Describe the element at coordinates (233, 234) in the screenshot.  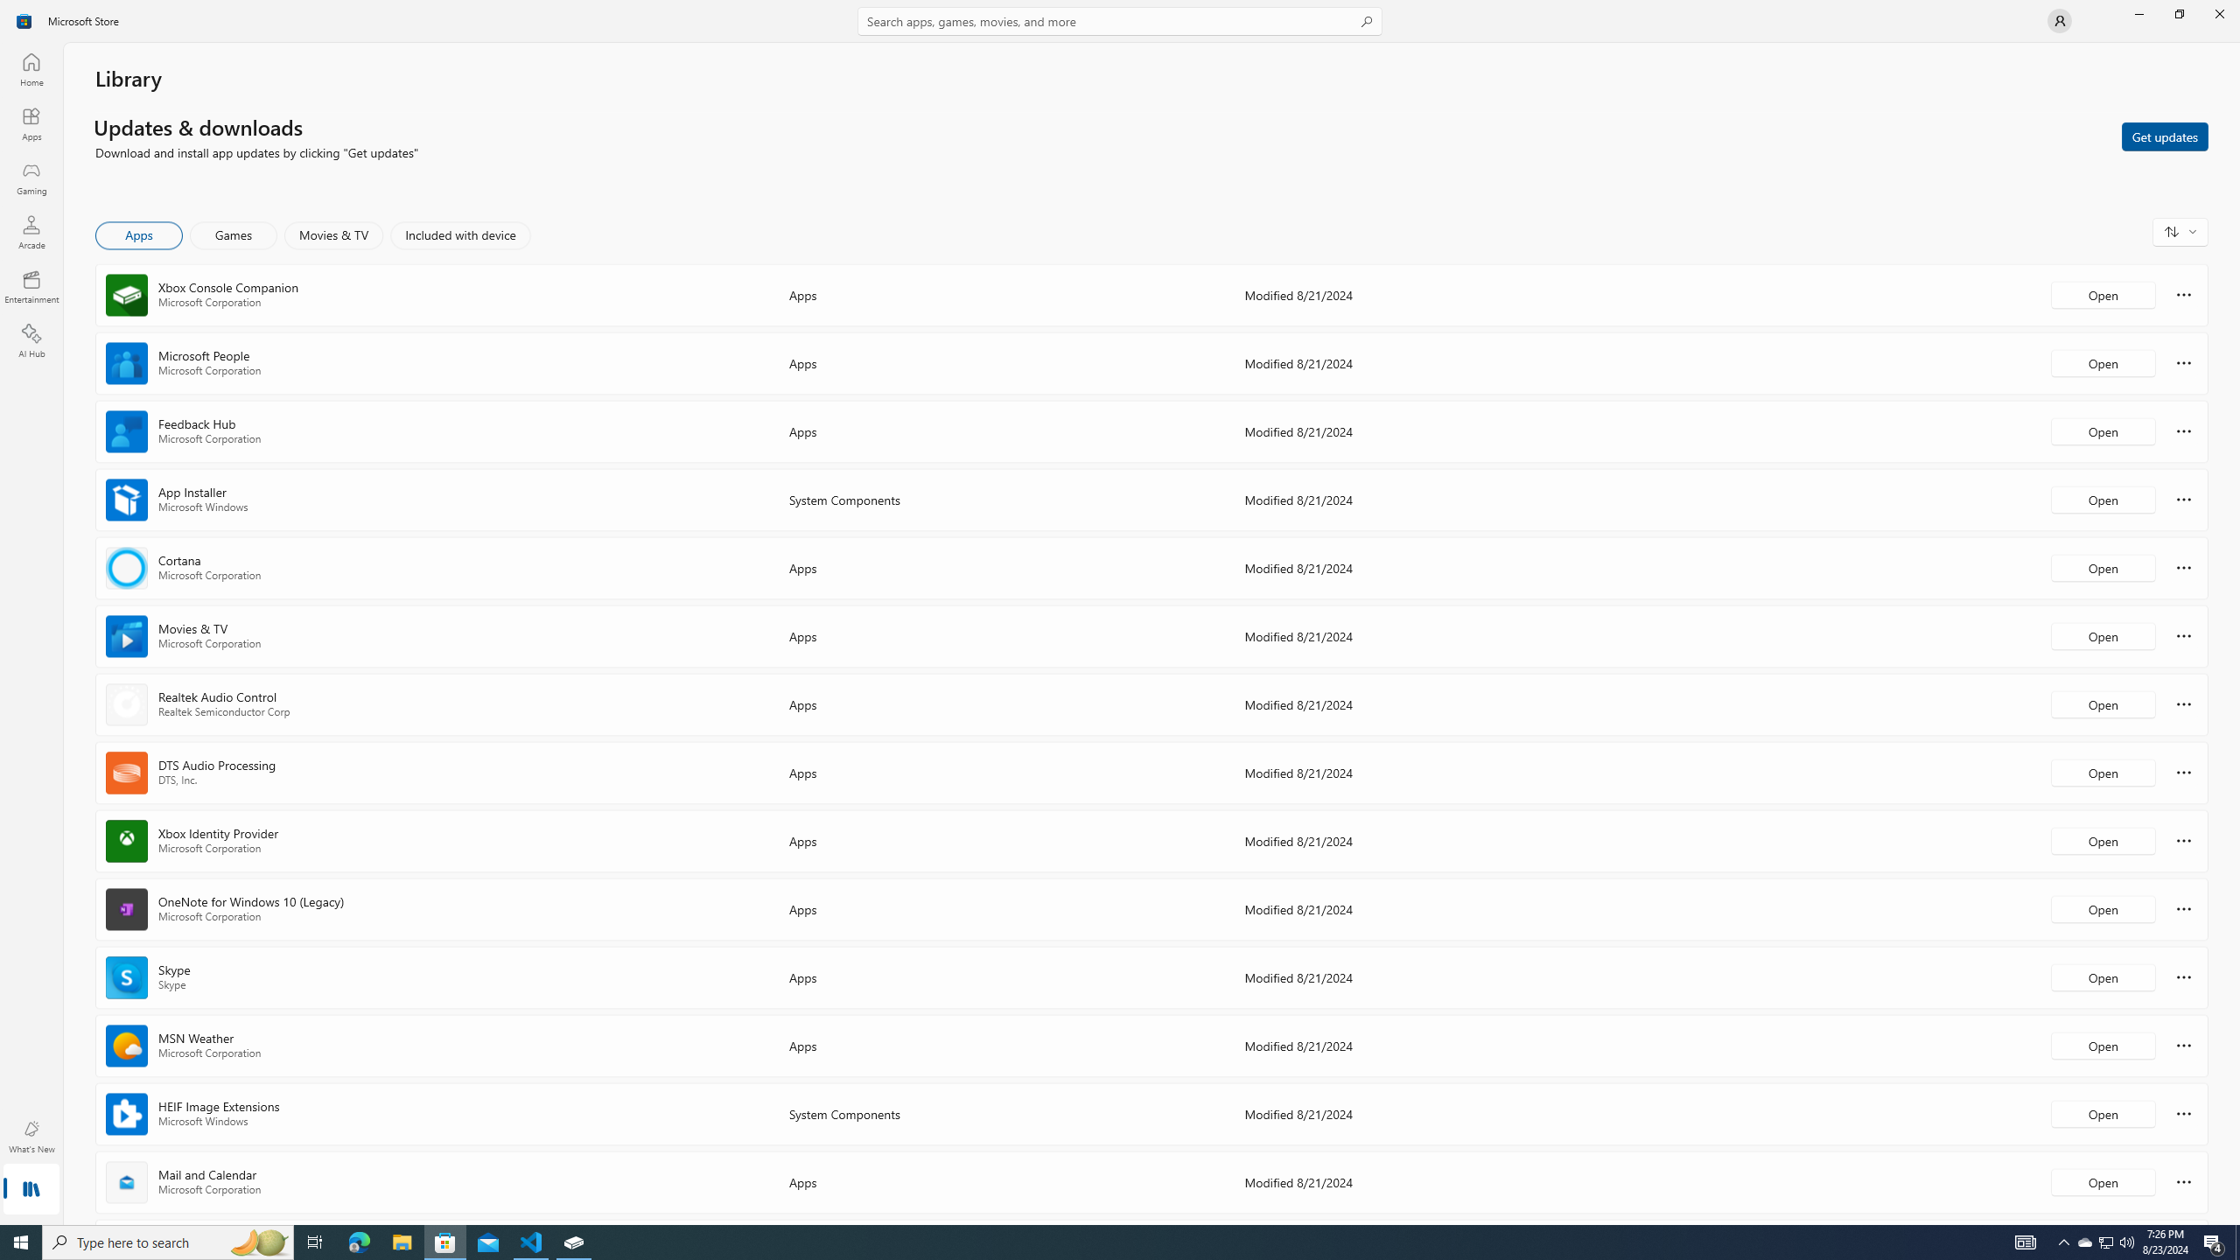
I see `'Games'` at that location.